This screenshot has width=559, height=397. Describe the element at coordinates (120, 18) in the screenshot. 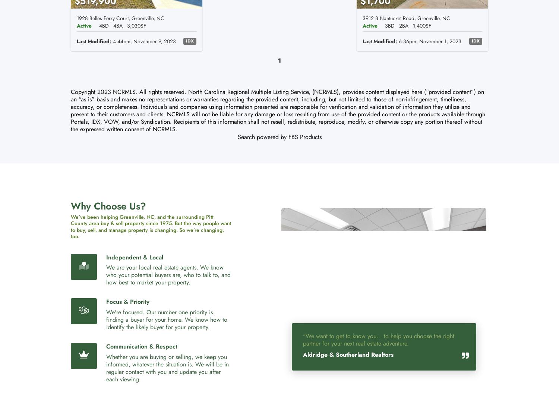

I see `'1928 Belles Ferry Court, Greenville, NC'` at that location.